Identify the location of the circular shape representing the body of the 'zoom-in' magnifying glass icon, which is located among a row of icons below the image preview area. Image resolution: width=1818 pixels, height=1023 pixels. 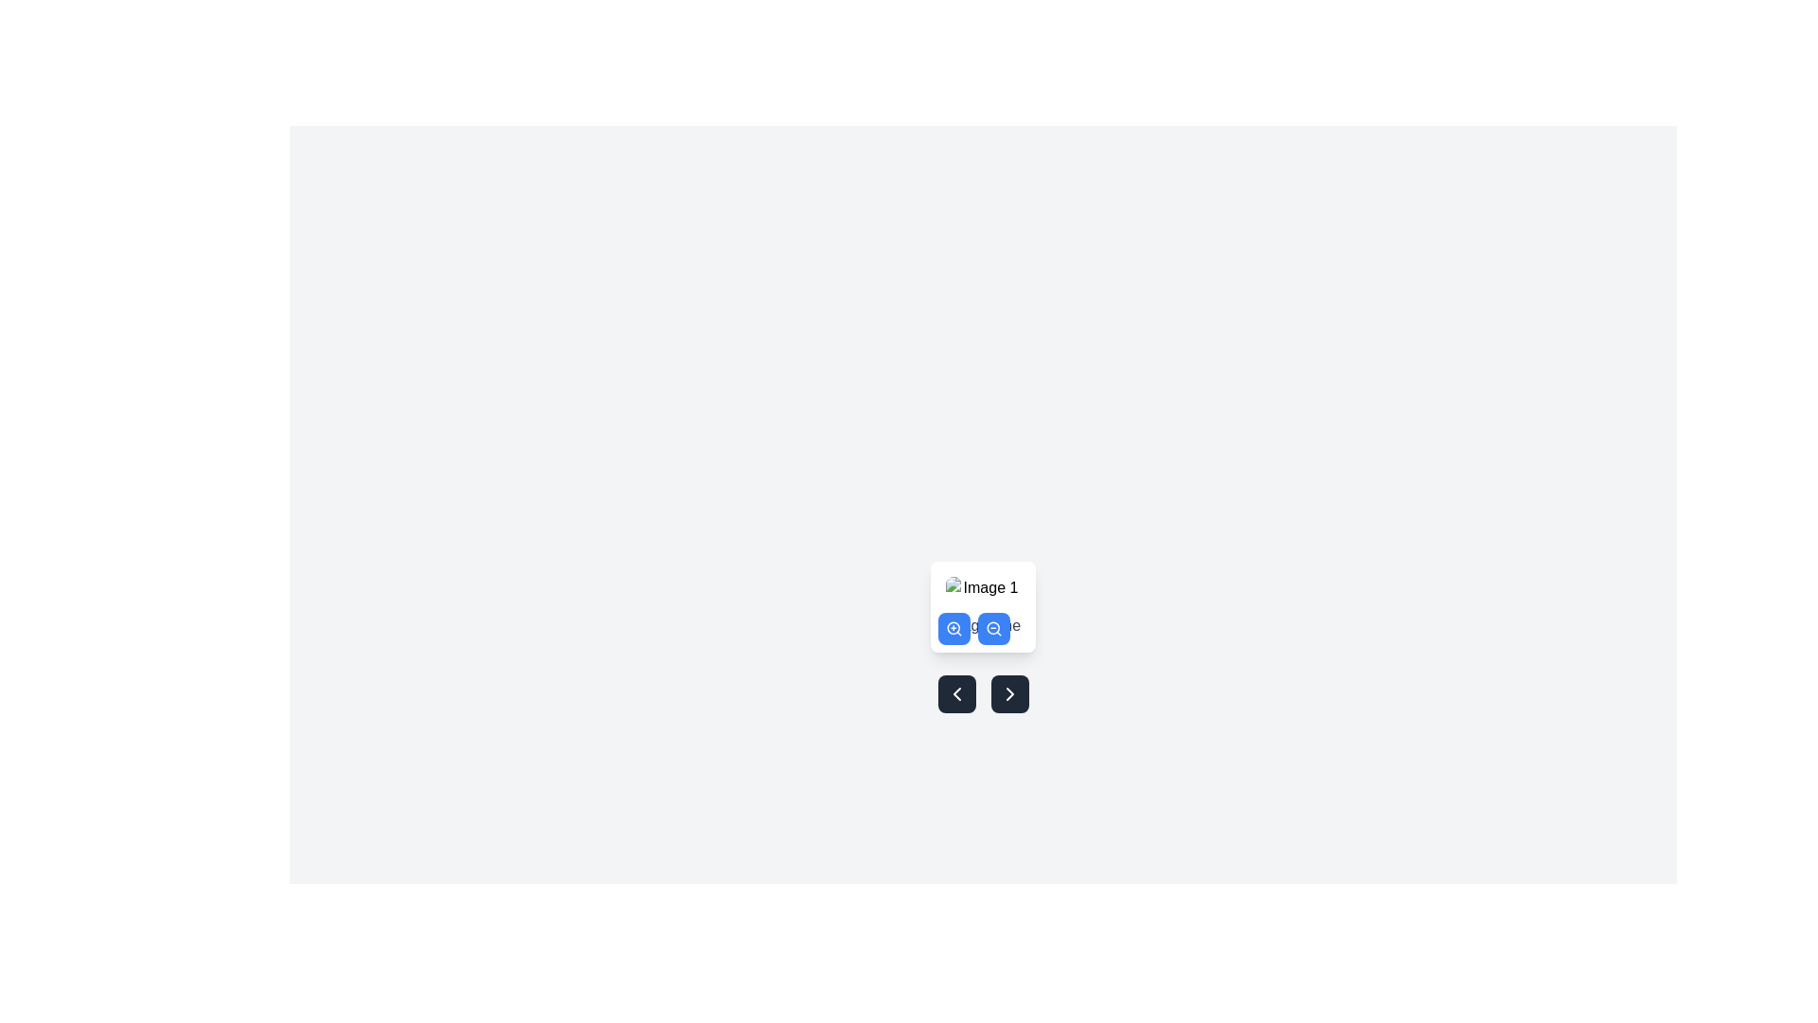
(954, 628).